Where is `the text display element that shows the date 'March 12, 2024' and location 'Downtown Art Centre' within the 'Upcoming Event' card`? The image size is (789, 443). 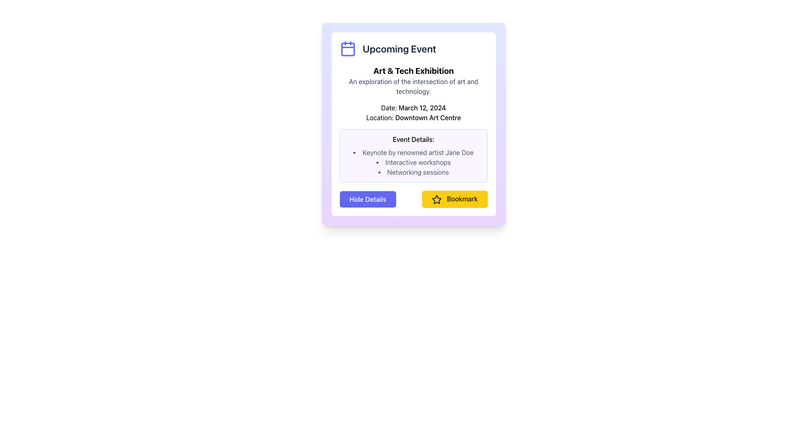
the text display element that shows the date 'March 12, 2024' and location 'Downtown Art Centre' within the 'Upcoming Event' card is located at coordinates (413, 112).